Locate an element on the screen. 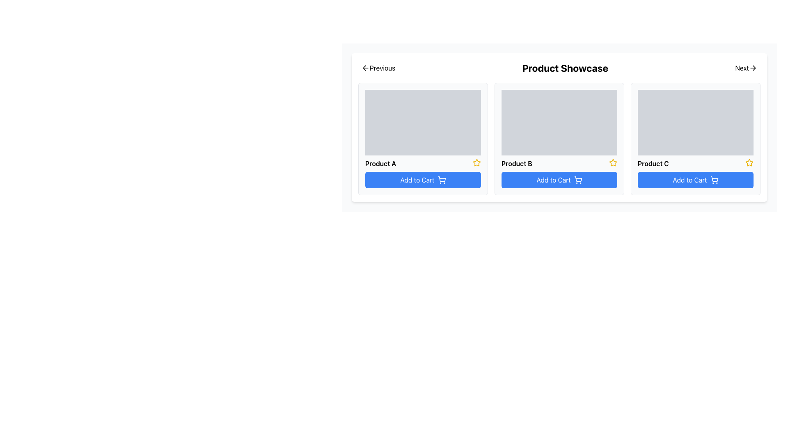  the shopping cart icon of the 'Add to Cart' button for Product C to observe potential visual changes is located at coordinates (714, 178).